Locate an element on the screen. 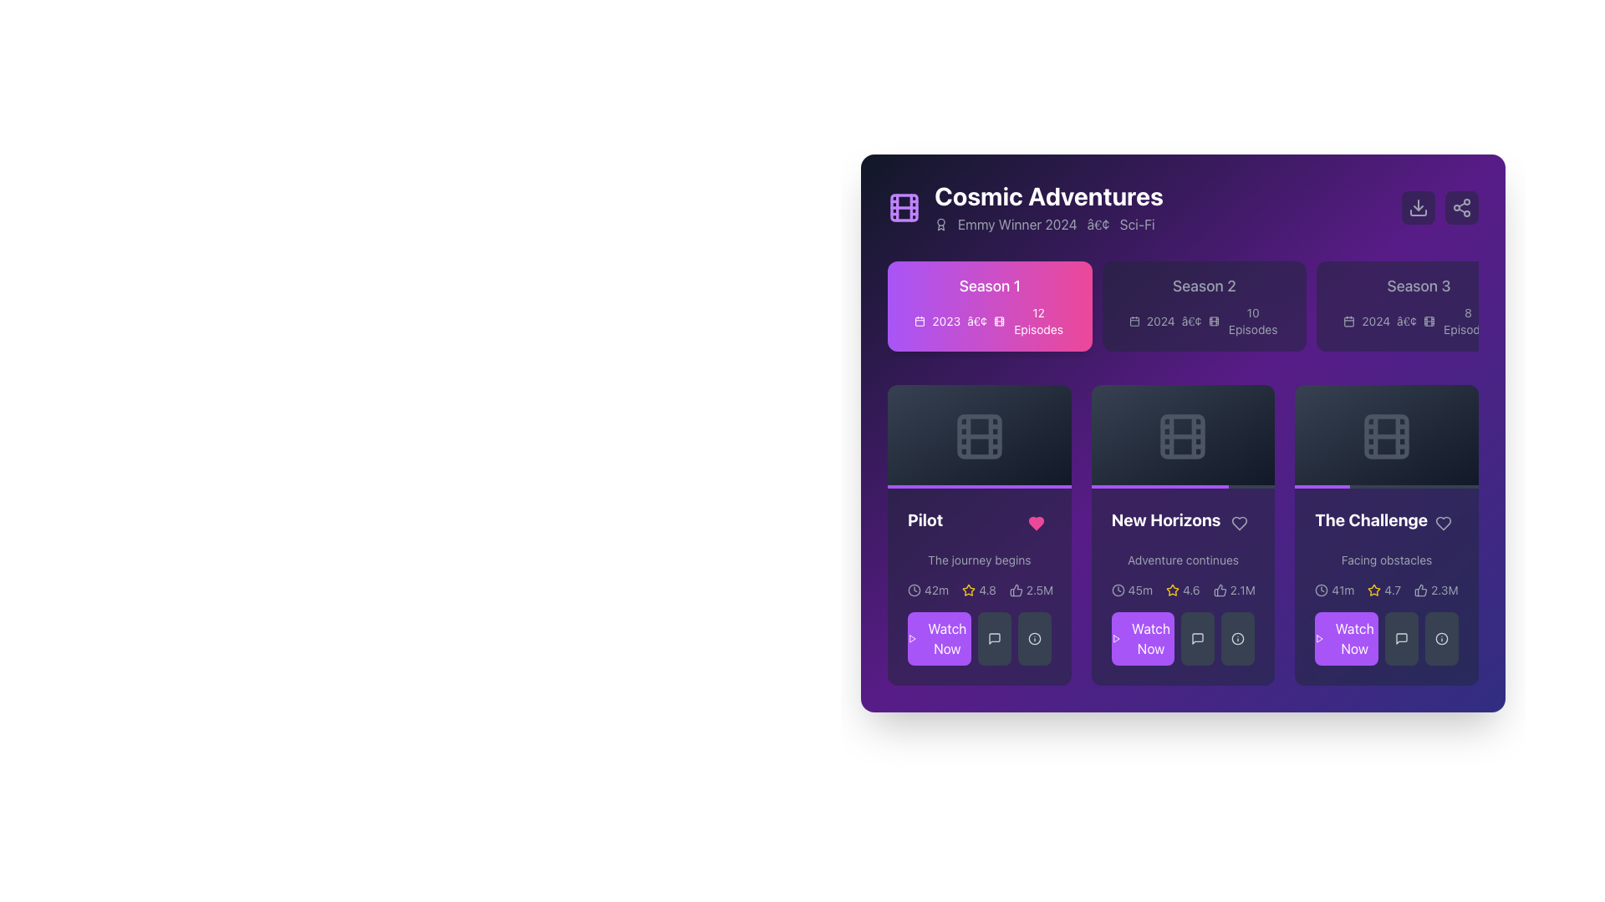 Image resolution: width=1605 pixels, height=902 pixels. the informational label that displays the release year '2023' and the number of episodes '12 Episodes' located below the title text 'Season 1' in the card component for 'Season 1' is located at coordinates (990, 322).